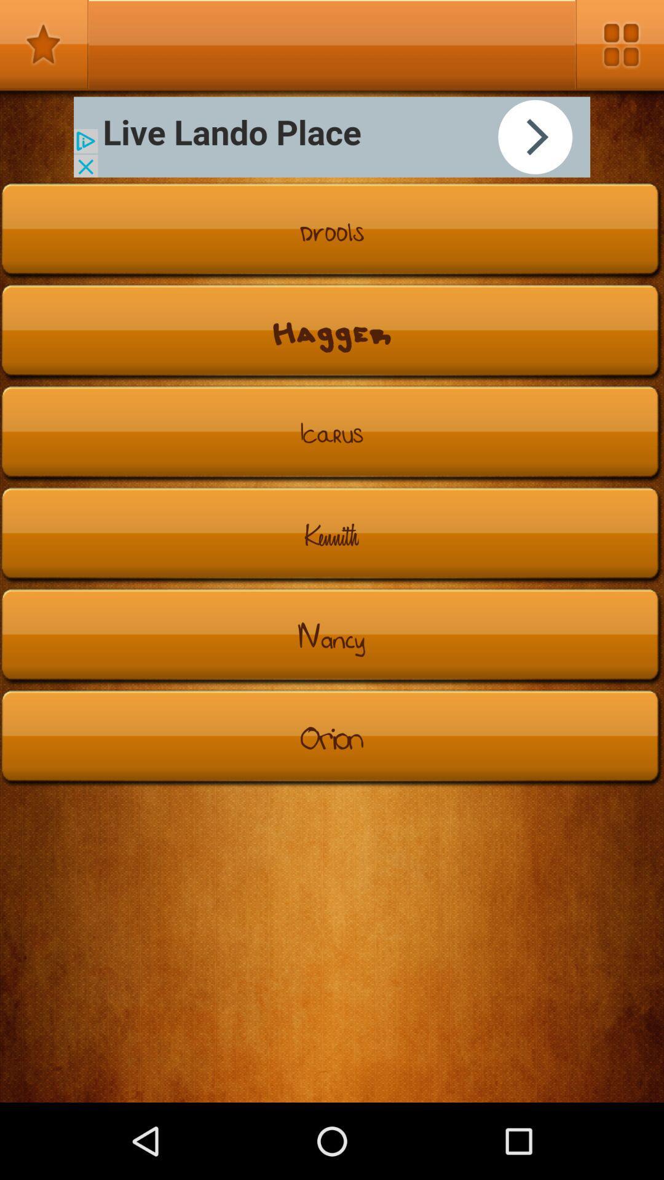 This screenshot has height=1180, width=664. I want to click on advertisements image, so click(332, 137).